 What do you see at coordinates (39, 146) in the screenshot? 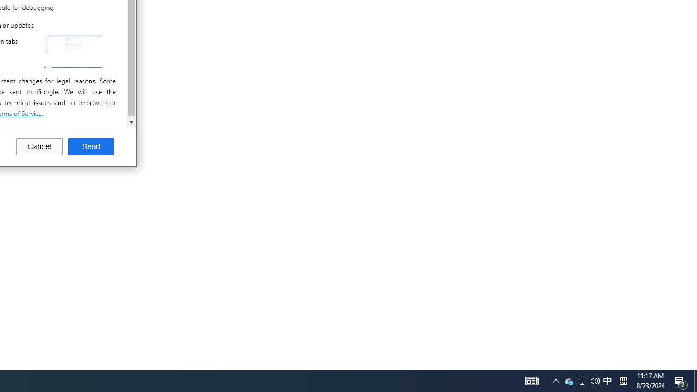
I see `'Cancel'` at bounding box center [39, 146].